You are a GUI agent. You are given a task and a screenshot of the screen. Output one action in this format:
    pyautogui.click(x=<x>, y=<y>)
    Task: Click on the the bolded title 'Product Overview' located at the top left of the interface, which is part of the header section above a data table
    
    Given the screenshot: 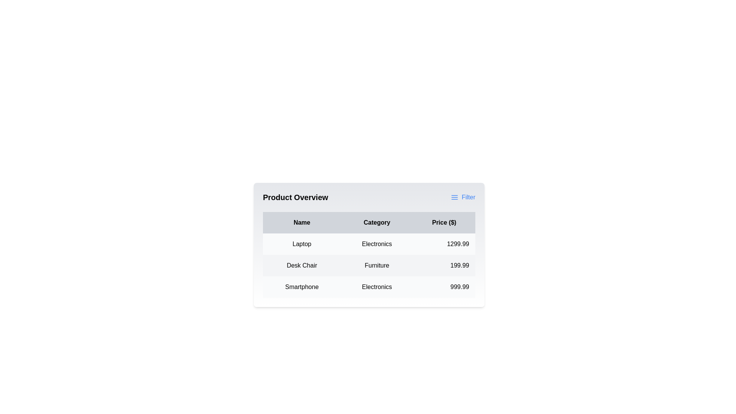 What is the action you would take?
    pyautogui.click(x=295, y=197)
    